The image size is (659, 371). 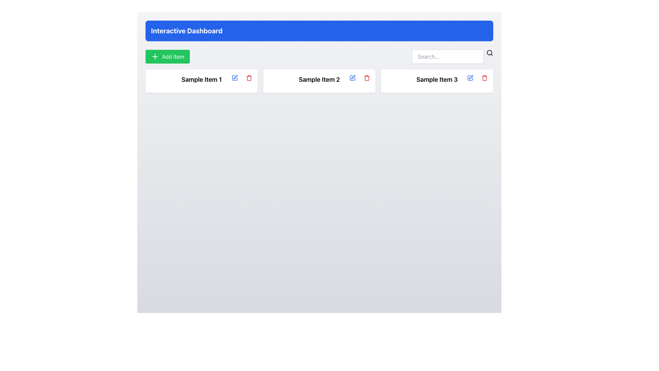 I want to click on the red trash can icon located to the right of 'Sample Item 2', so click(x=367, y=78).